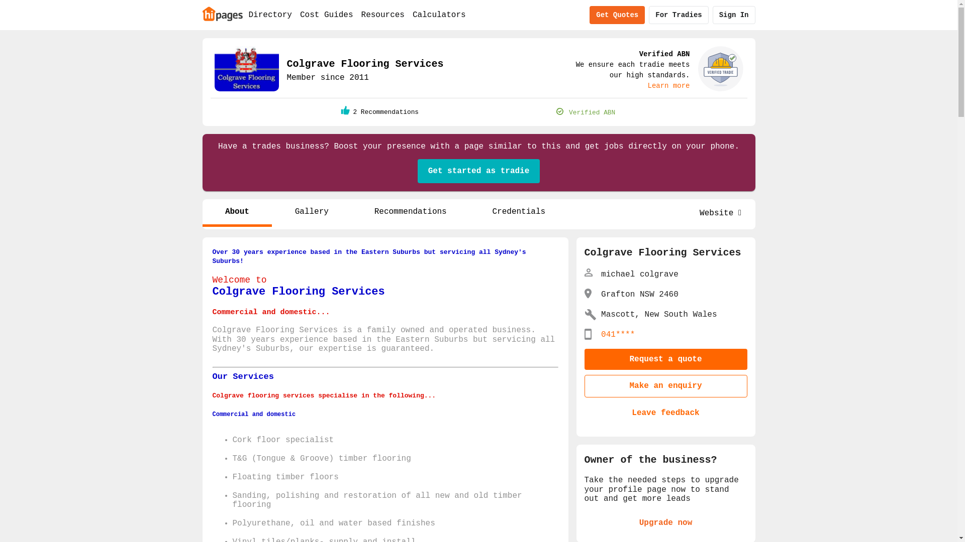  I want to click on '041****', so click(617, 335).